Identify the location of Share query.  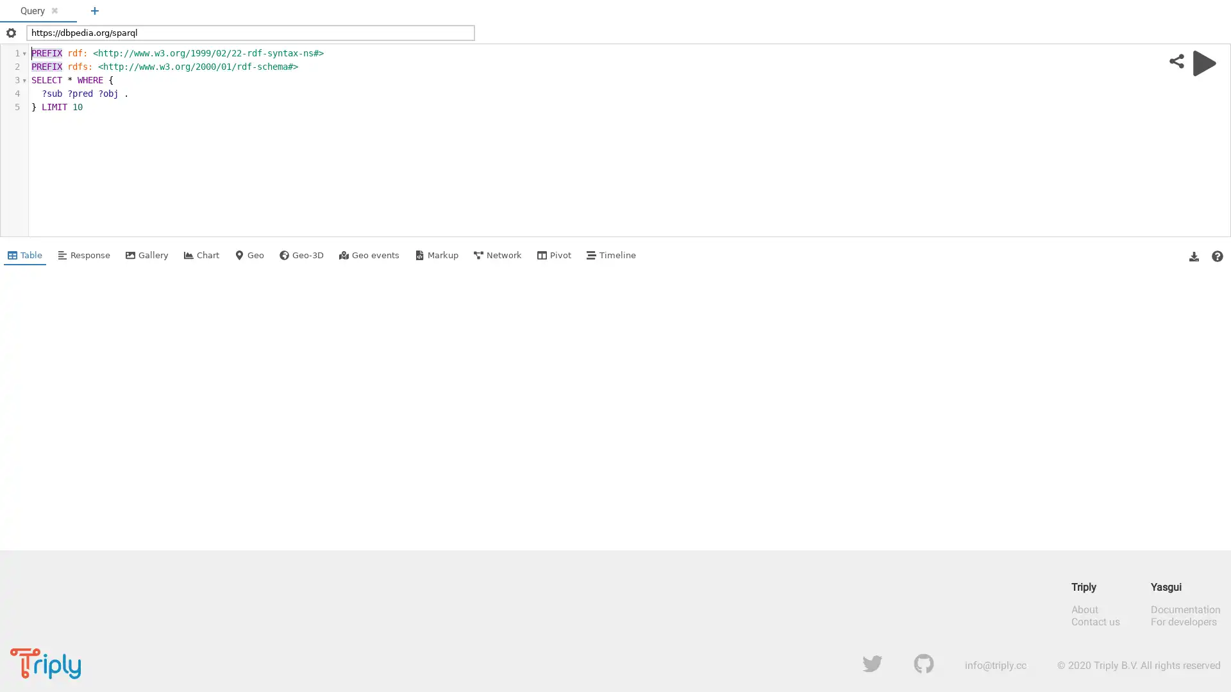
(1177, 62).